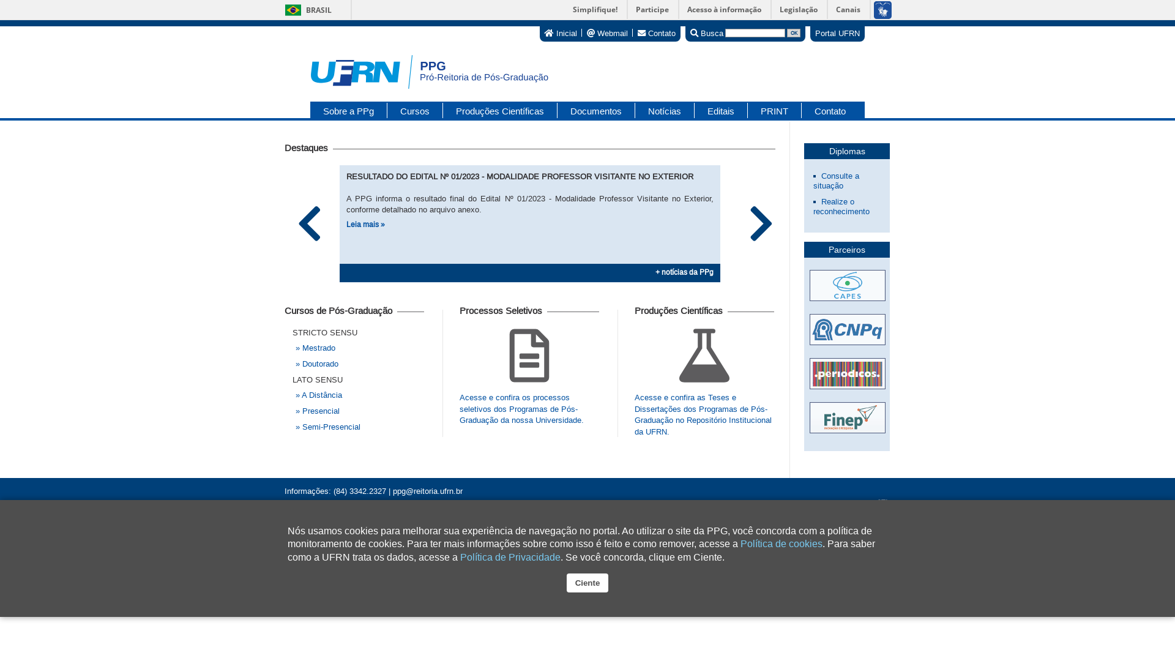 The image size is (1175, 661). I want to click on 'Portal UFRN', so click(837, 32).